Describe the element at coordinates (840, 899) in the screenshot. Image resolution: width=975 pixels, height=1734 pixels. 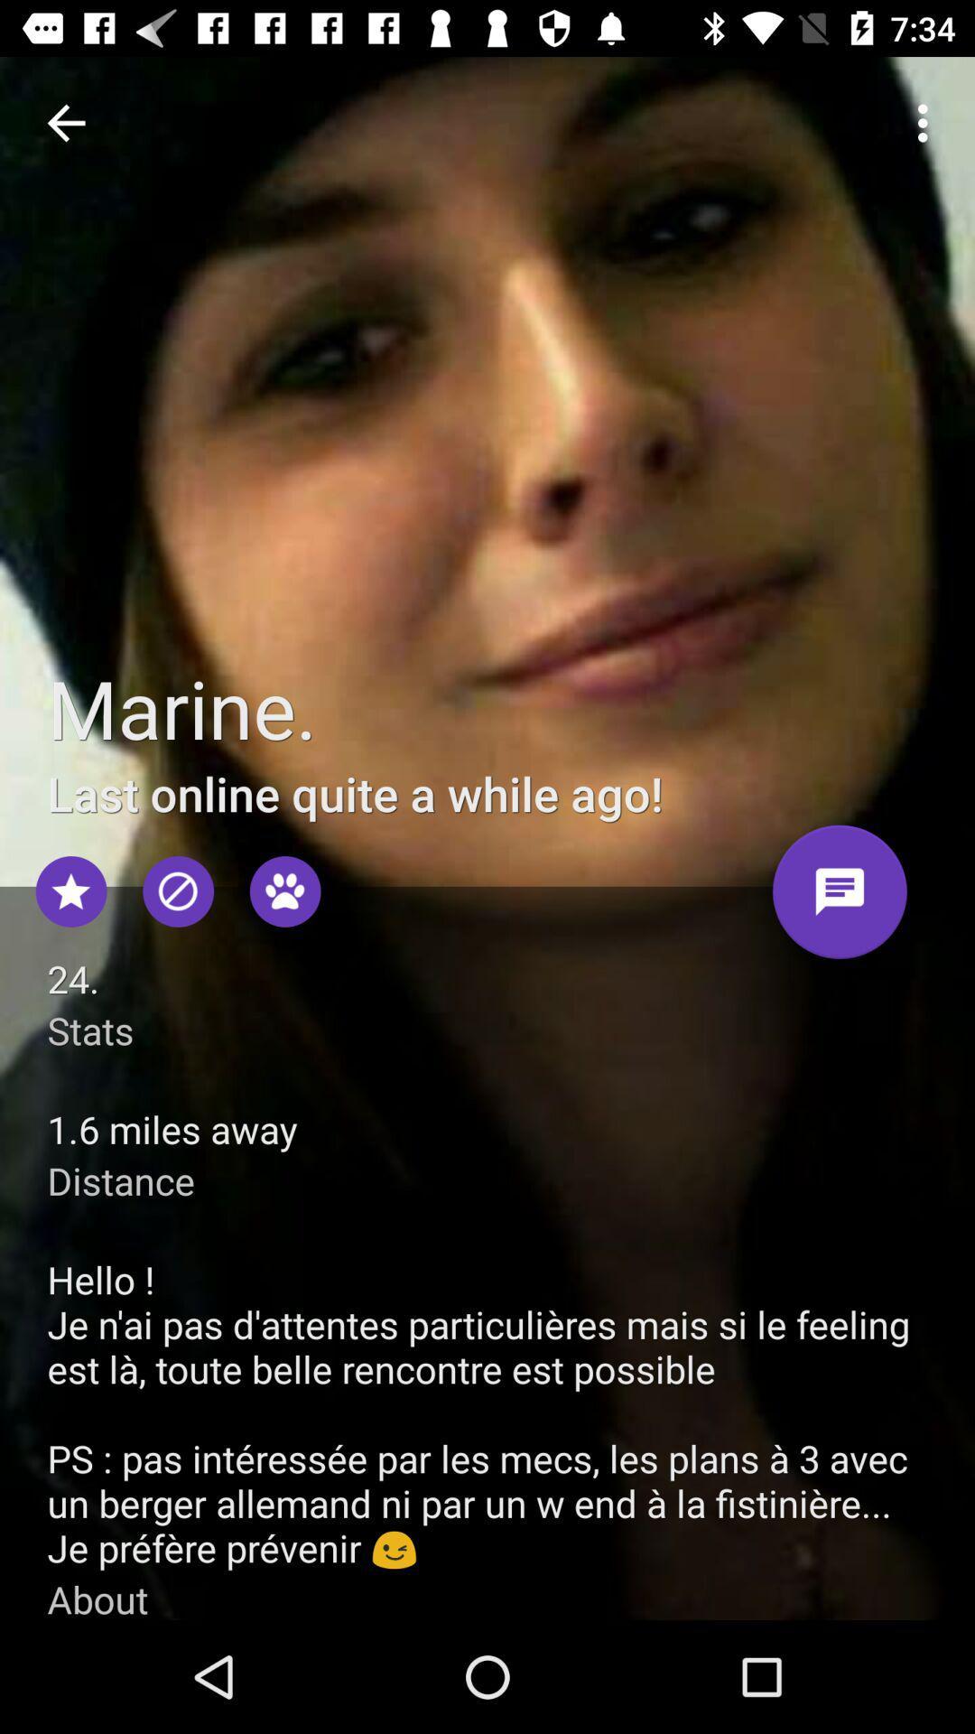
I see `open text box` at that location.